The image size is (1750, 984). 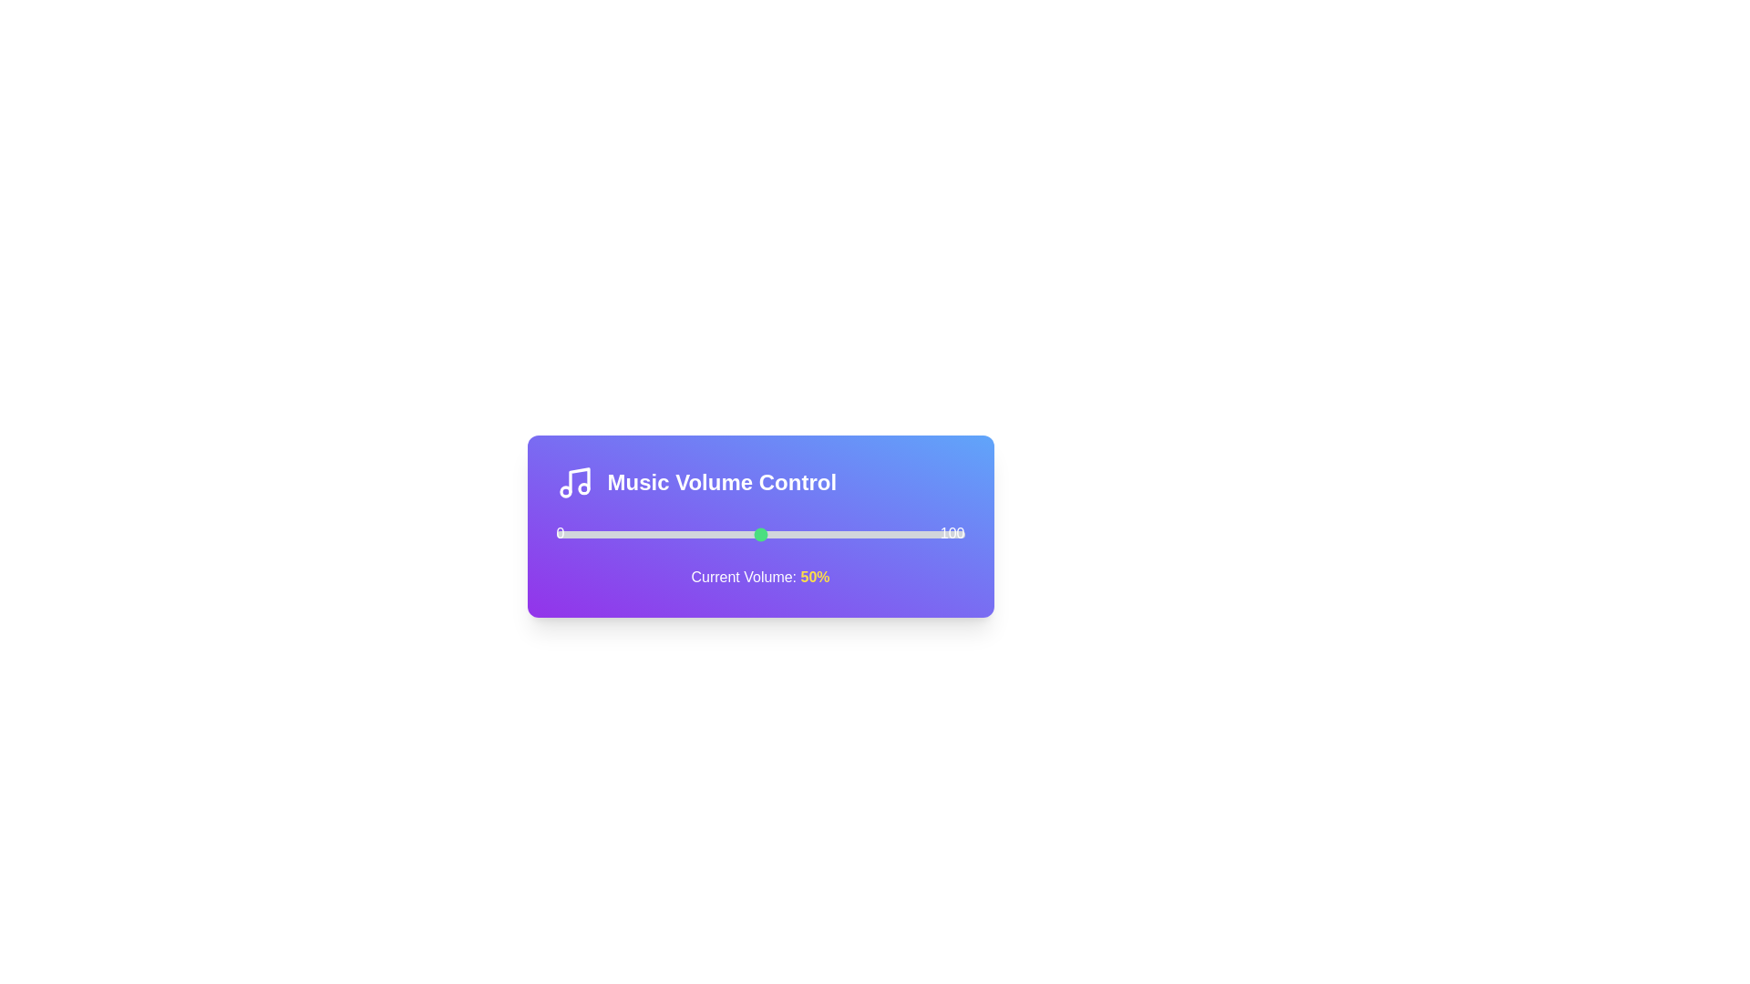 What do you see at coordinates (559, 533) in the screenshot?
I see `the slider to 1%, where 1 is a value between 0 and 100` at bounding box center [559, 533].